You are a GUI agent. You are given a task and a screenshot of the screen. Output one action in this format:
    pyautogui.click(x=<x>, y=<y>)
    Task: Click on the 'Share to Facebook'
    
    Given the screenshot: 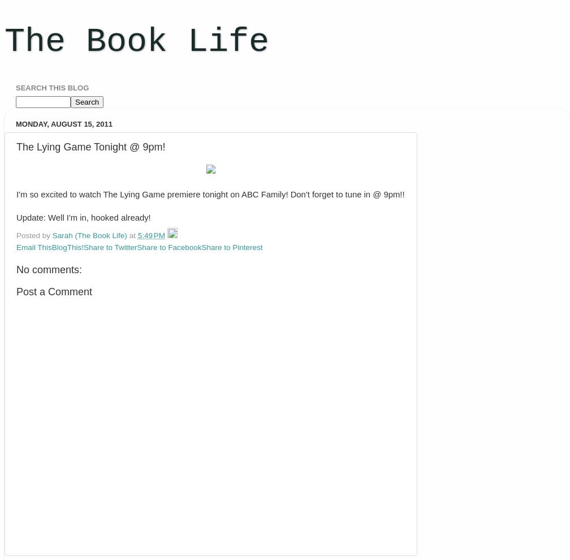 What is the action you would take?
    pyautogui.click(x=137, y=247)
    